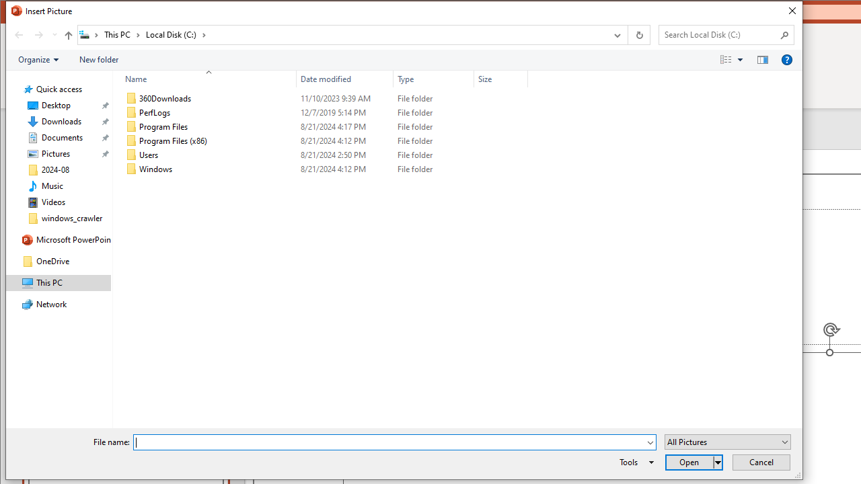  I want to click on 'File name:', so click(389, 442).